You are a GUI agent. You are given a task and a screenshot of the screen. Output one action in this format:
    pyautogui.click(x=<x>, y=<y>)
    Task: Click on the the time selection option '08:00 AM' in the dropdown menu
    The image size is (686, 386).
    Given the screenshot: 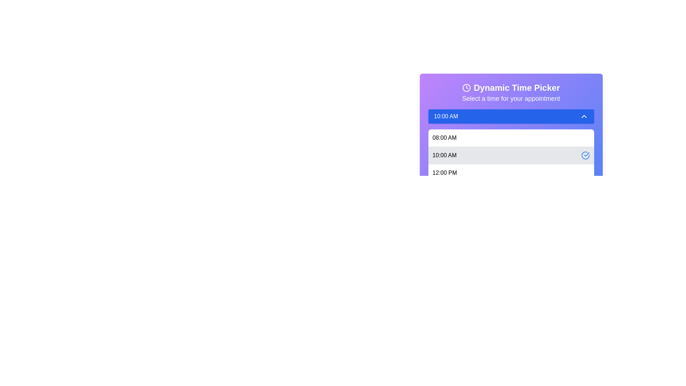 What is the action you would take?
    pyautogui.click(x=511, y=138)
    